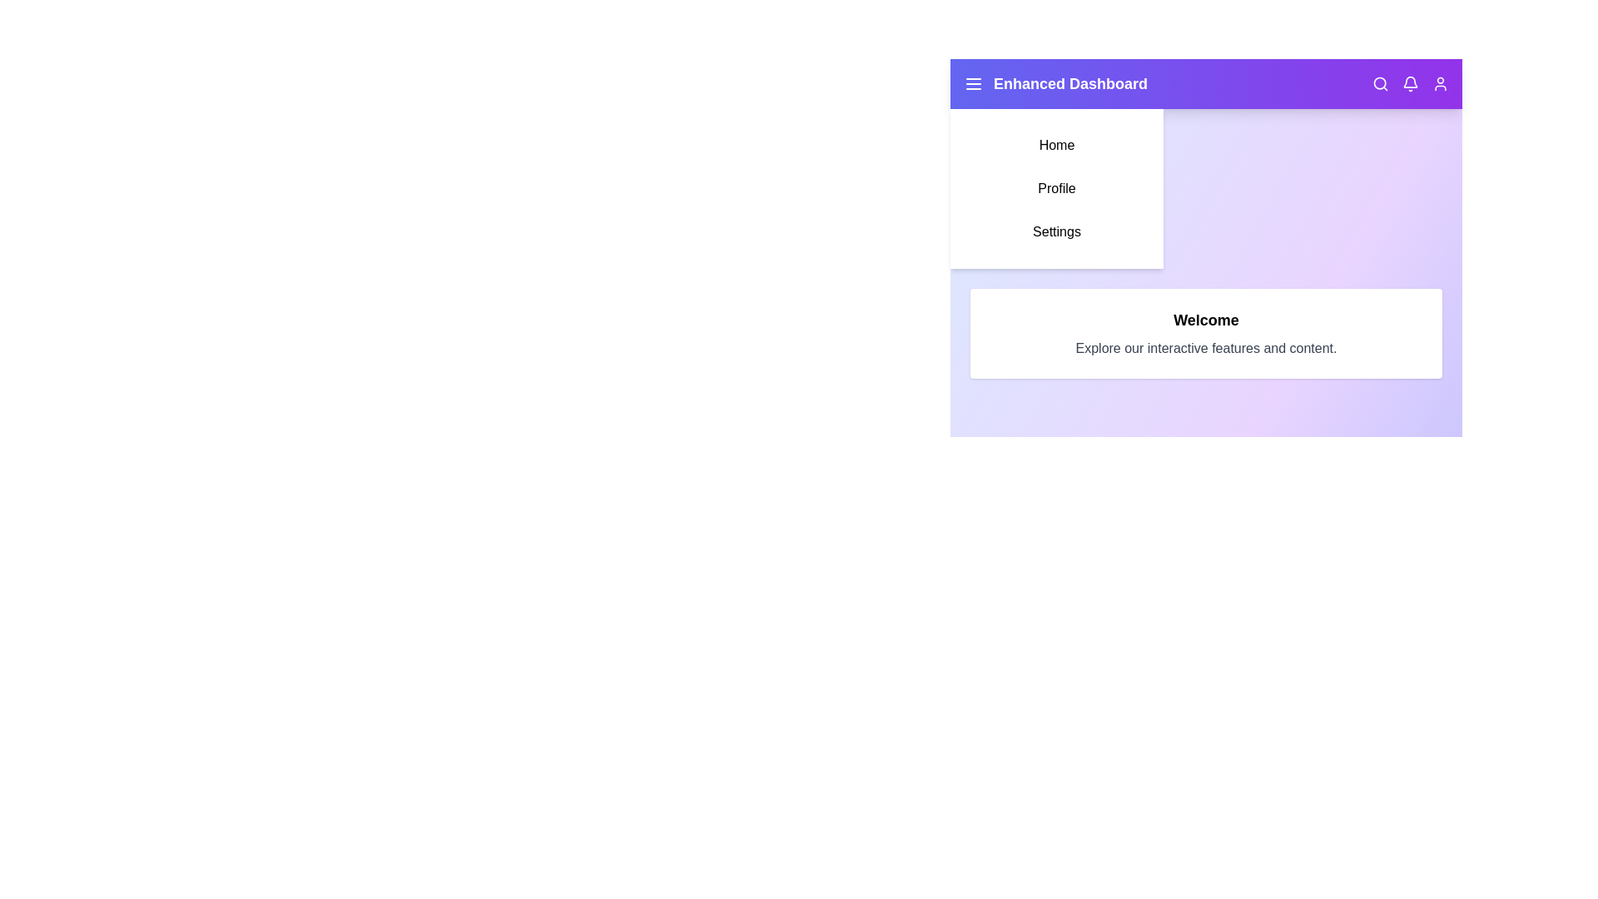 Image resolution: width=1598 pixels, height=899 pixels. What do you see at coordinates (974, 83) in the screenshot?
I see `the menu icon to toggle the side menu` at bounding box center [974, 83].